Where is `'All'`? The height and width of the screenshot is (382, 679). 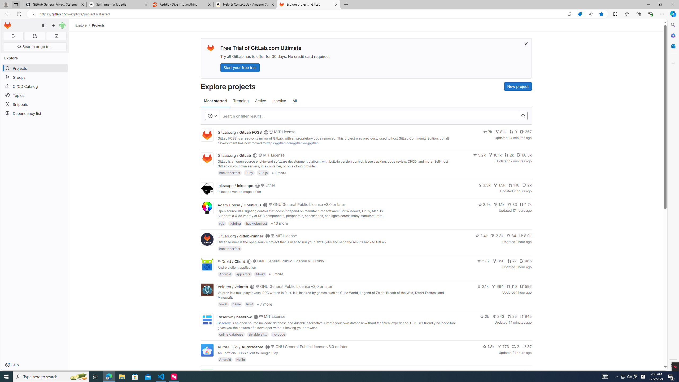 'All' is located at coordinates (295, 101).